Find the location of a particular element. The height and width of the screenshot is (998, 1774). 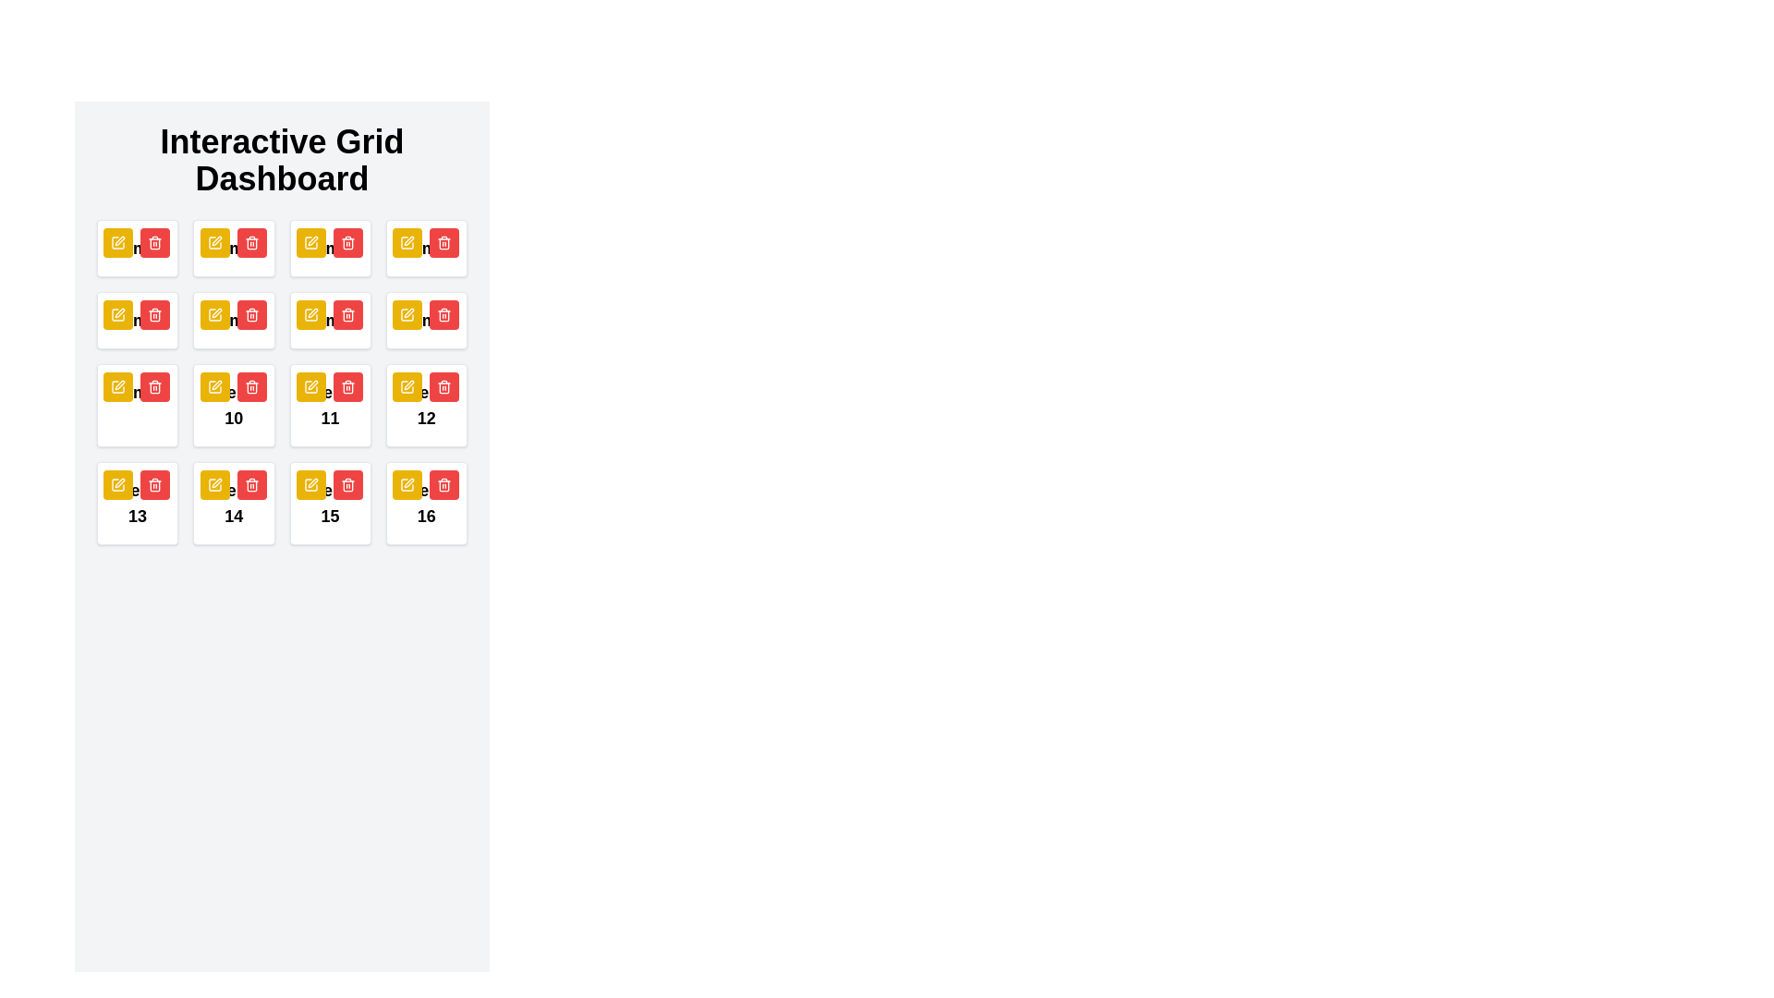

the yellow button is located at coordinates (233, 320).